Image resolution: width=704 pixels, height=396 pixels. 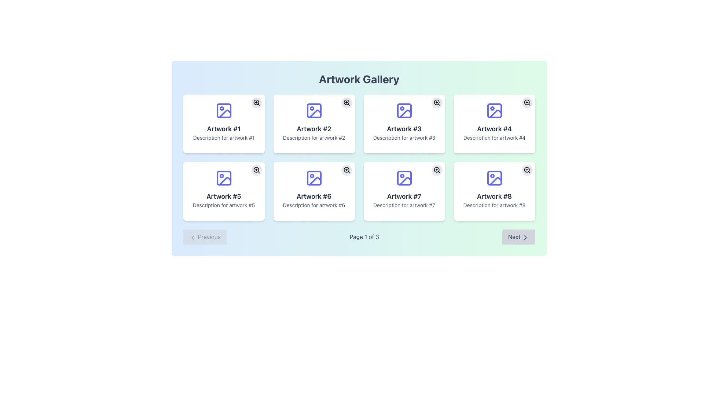 I want to click on the preview card for Artwork #8 located at the bottom-right of the grid layout, so click(x=494, y=191).